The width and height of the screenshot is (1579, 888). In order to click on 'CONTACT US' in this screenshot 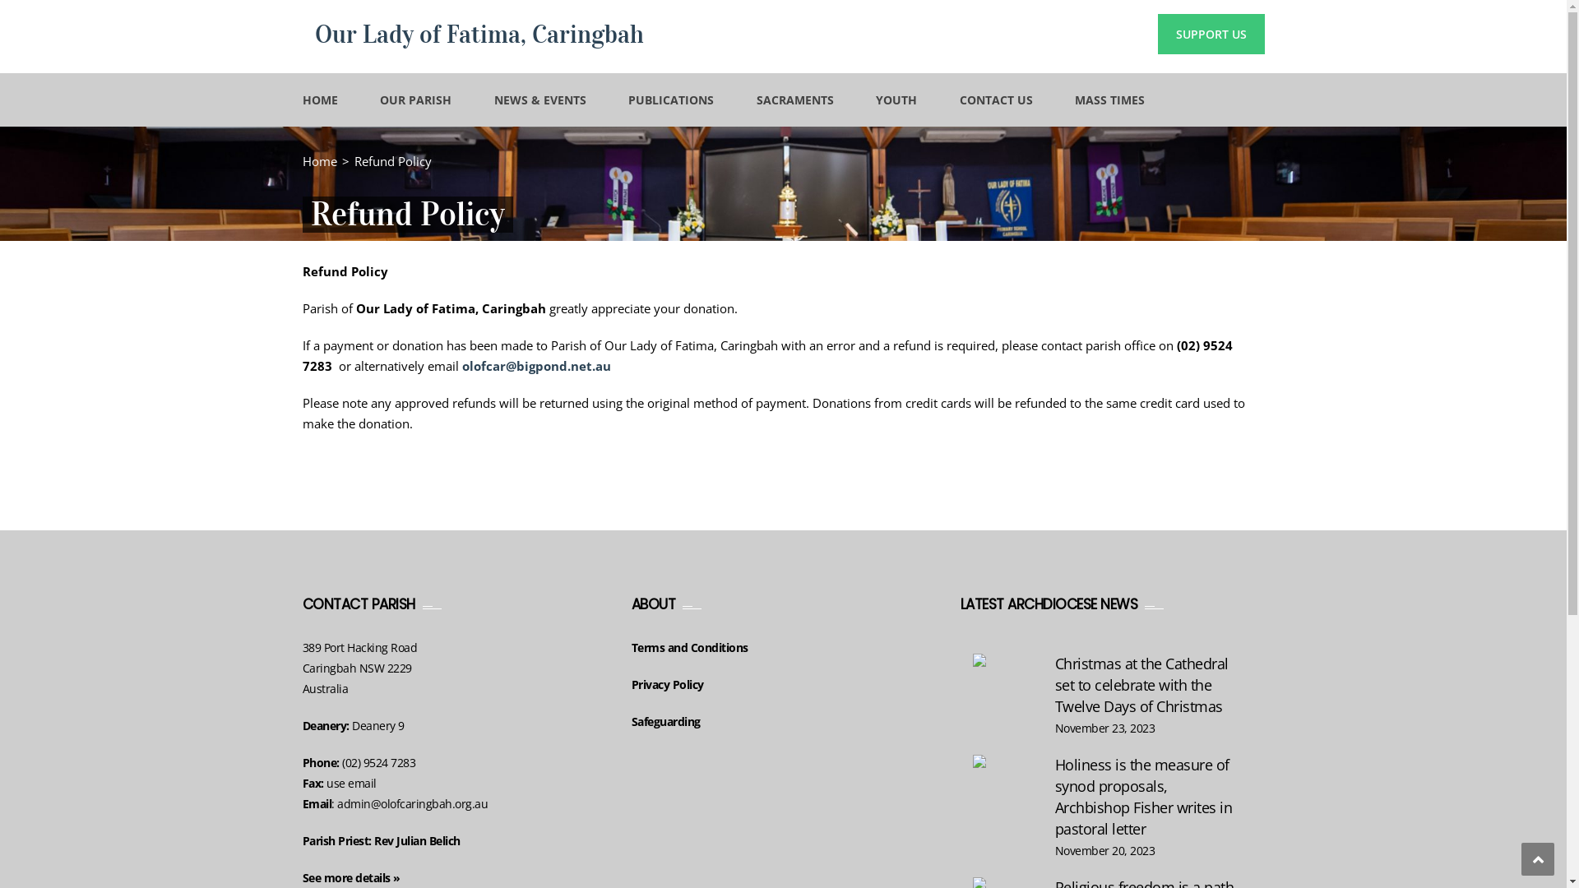, I will do `click(994, 99)`.